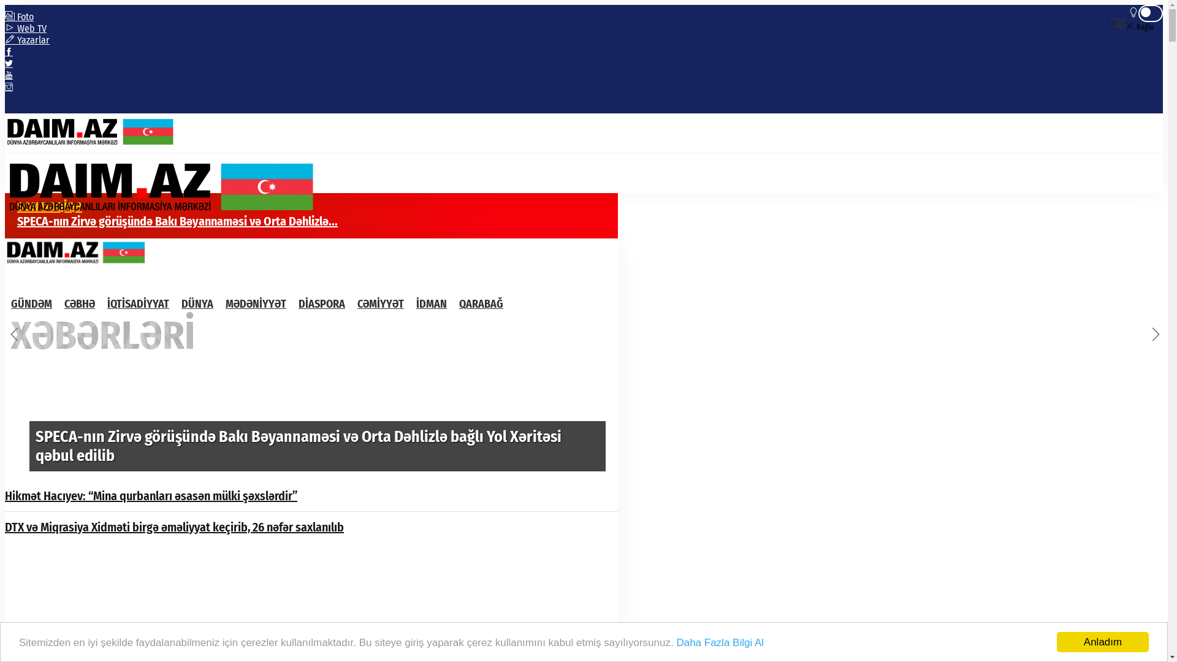 The height and width of the screenshot is (662, 1177). I want to click on 'Gece Modu', so click(1149, 13).